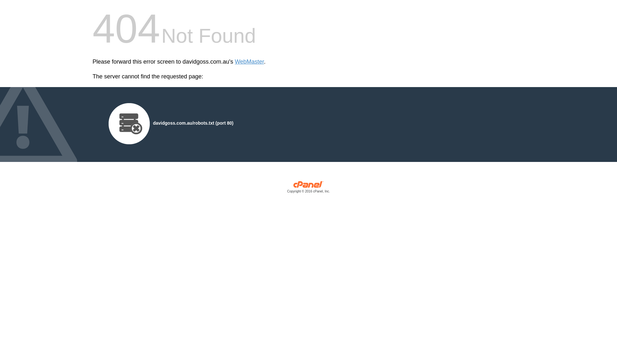  I want to click on 'WebMaster', so click(249, 62).